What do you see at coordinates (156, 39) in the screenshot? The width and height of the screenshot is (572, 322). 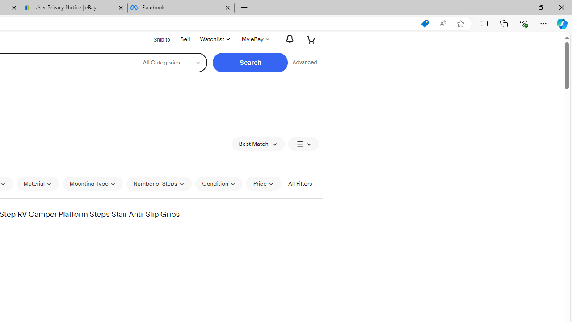 I see `'Ship to'` at bounding box center [156, 39].